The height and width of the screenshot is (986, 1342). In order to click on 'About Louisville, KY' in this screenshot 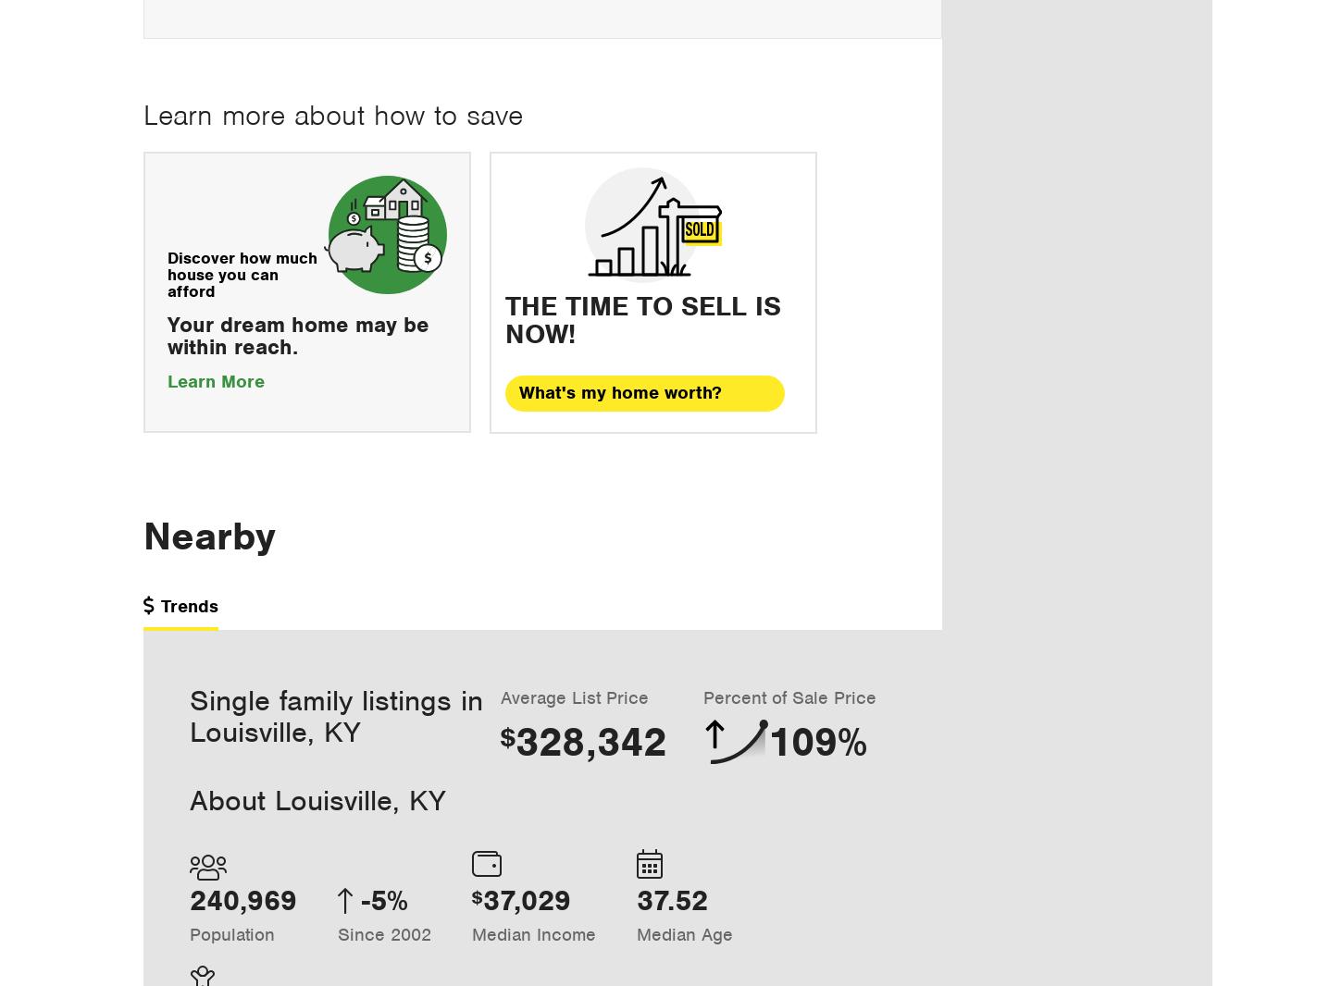, I will do `click(317, 800)`.